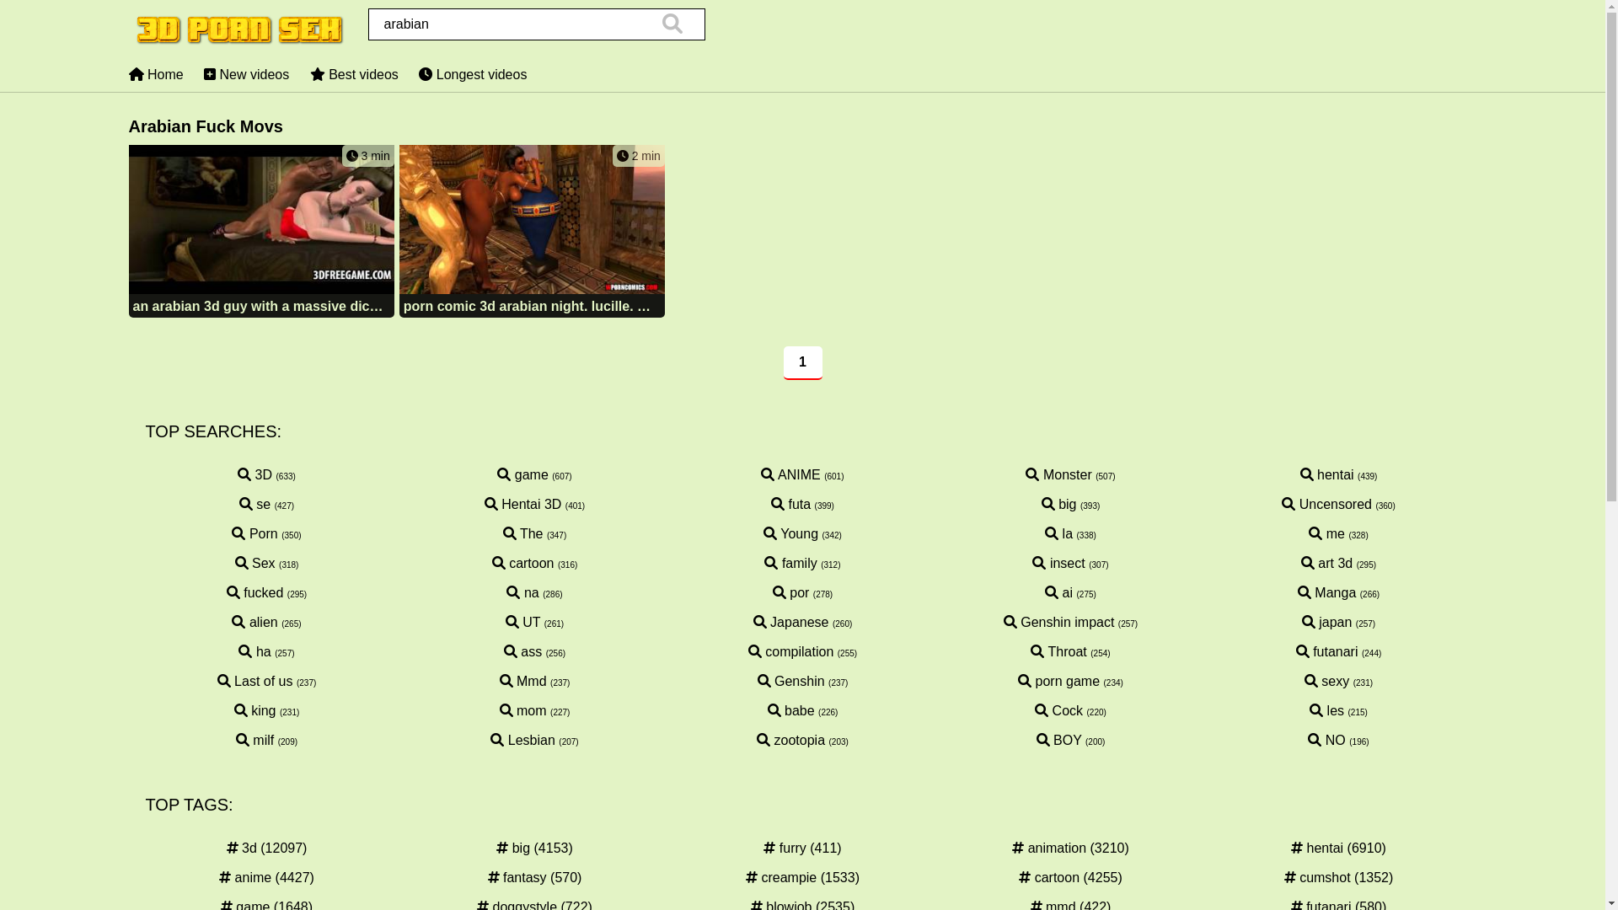 The height and width of the screenshot is (910, 1618). What do you see at coordinates (1326, 710) in the screenshot?
I see `'les'` at bounding box center [1326, 710].